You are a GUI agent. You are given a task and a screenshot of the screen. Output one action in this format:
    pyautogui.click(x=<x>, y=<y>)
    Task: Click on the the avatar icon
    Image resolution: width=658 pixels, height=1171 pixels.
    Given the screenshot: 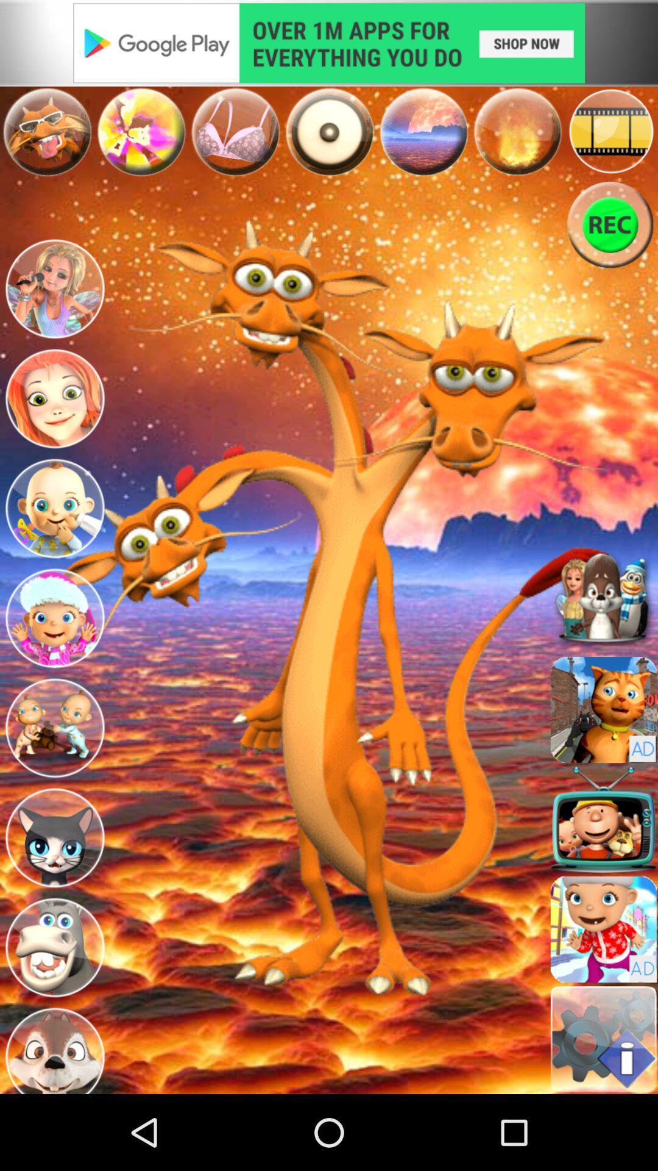 What is the action you would take?
    pyautogui.click(x=54, y=543)
    